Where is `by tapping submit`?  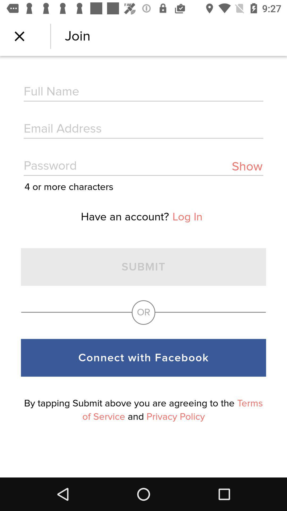 by tapping submit is located at coordinates (143, 410).